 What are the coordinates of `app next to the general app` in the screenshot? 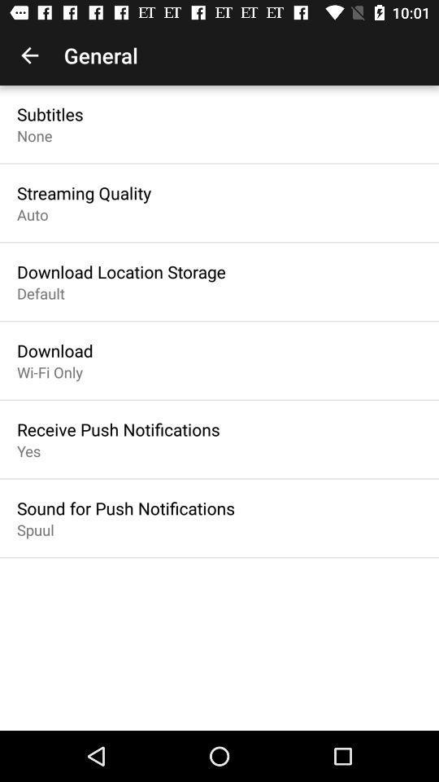 It's located at (29, 55).